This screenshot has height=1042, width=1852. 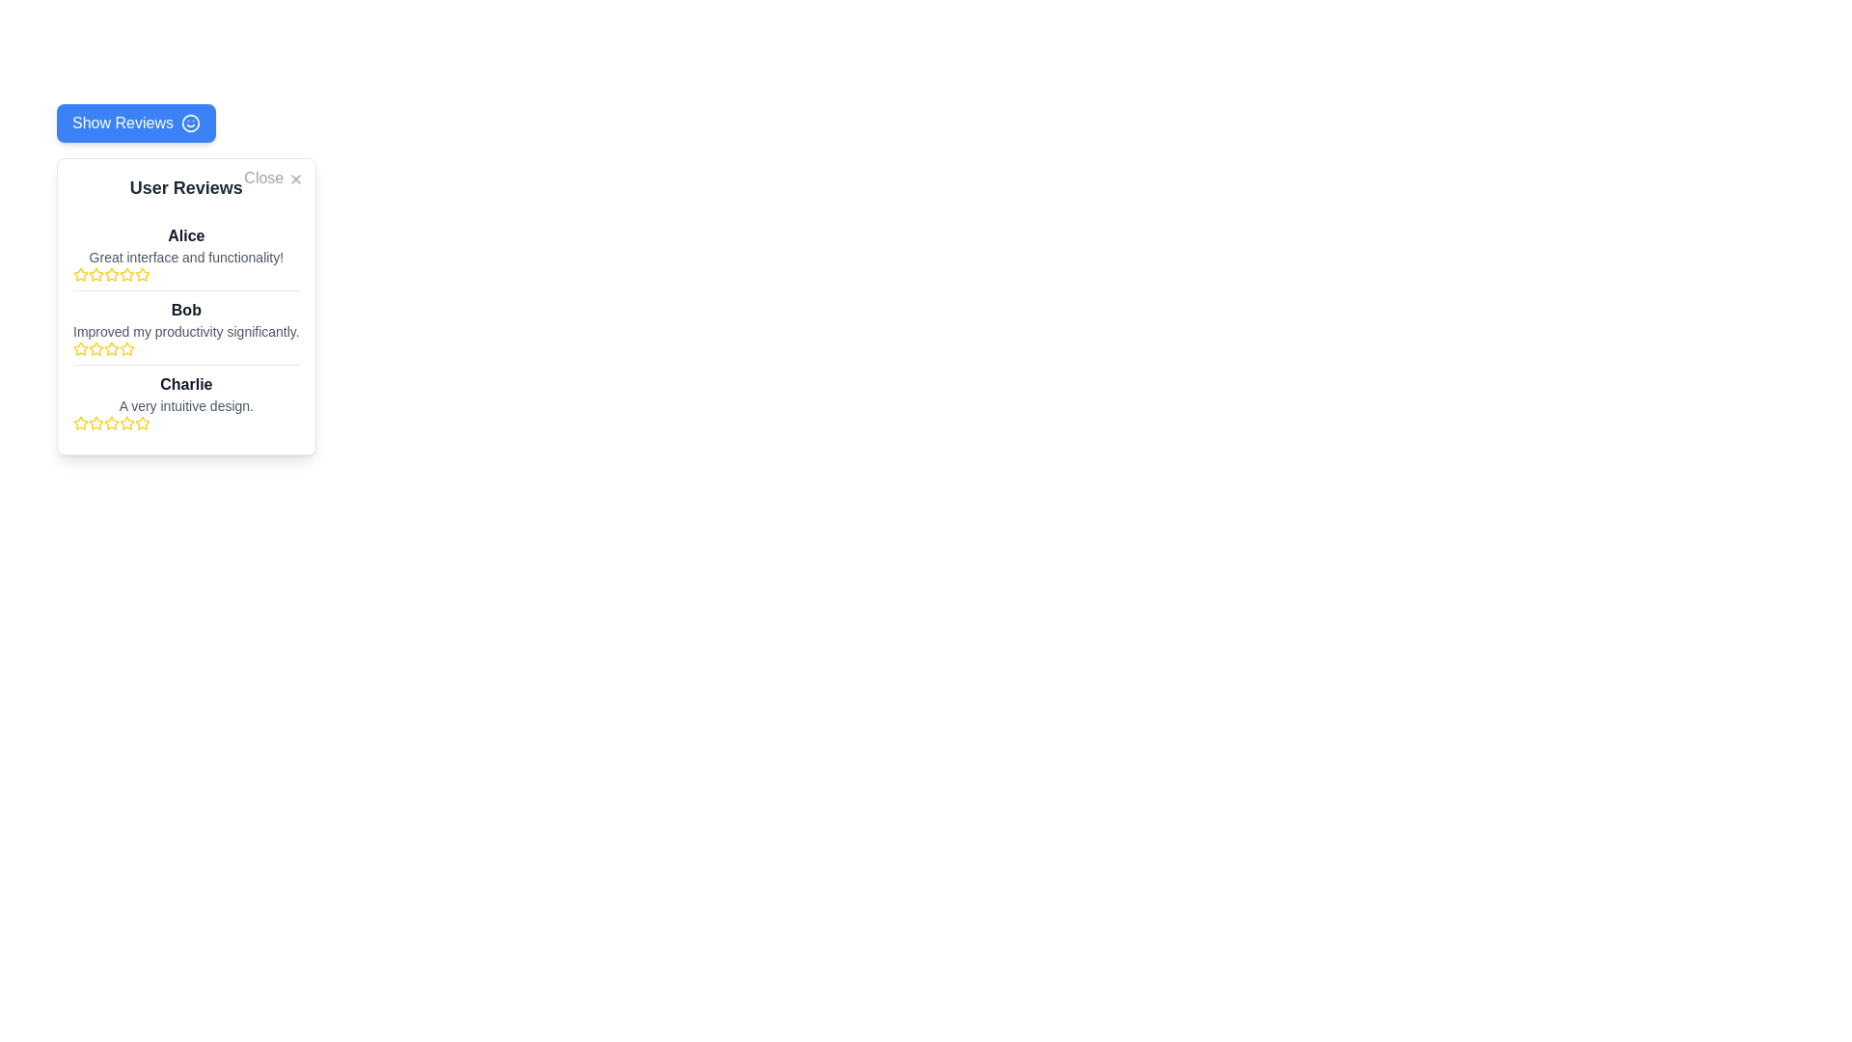 I want to click on the fifth star icon in the user rating system under Charlie's review to register an interaction, so click(x=110, y=423).